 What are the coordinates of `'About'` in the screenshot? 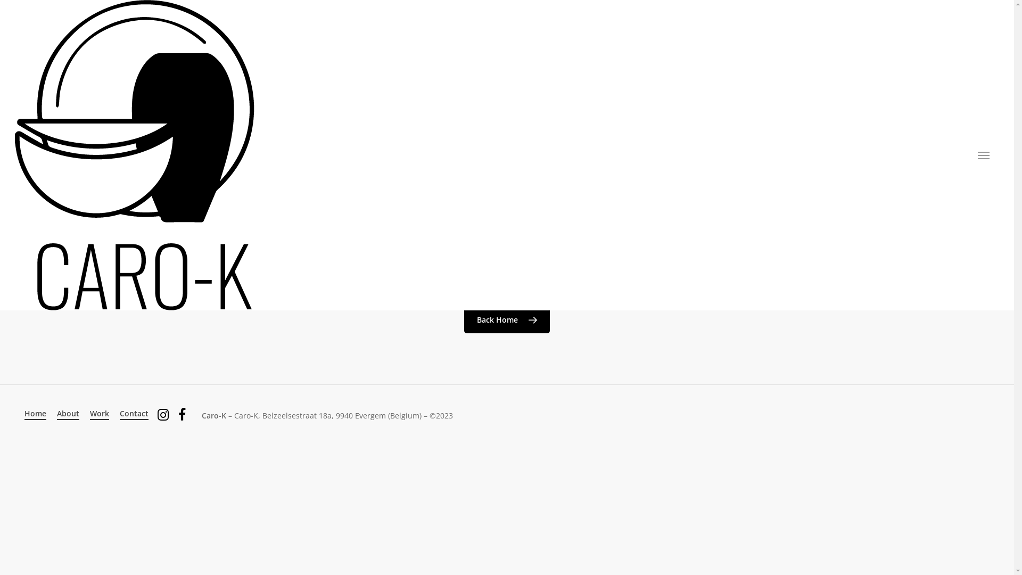 It's located at (68, 413).